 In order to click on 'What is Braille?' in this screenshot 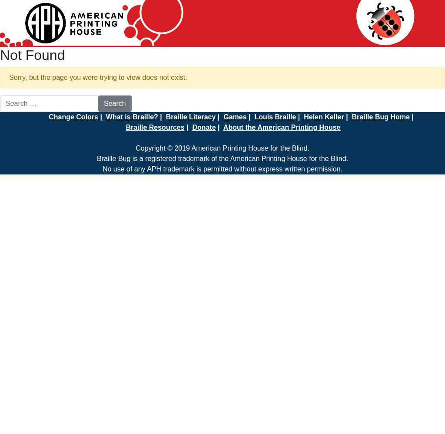, I will do `click(131, 117)`.